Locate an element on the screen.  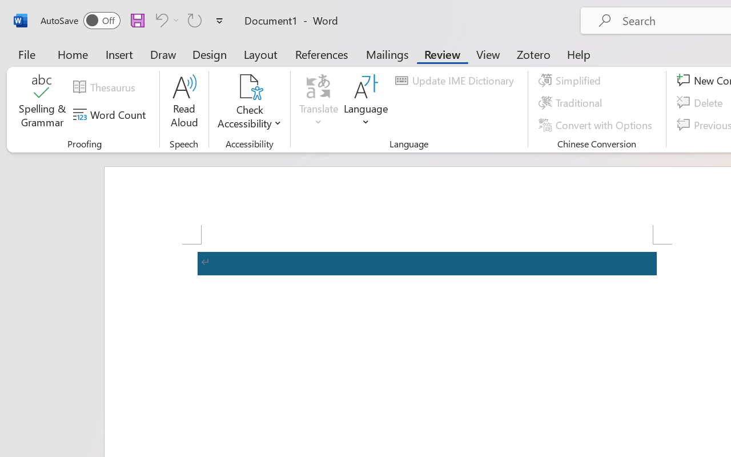
'Check Accessibility' is located at coordinates (249, 102).